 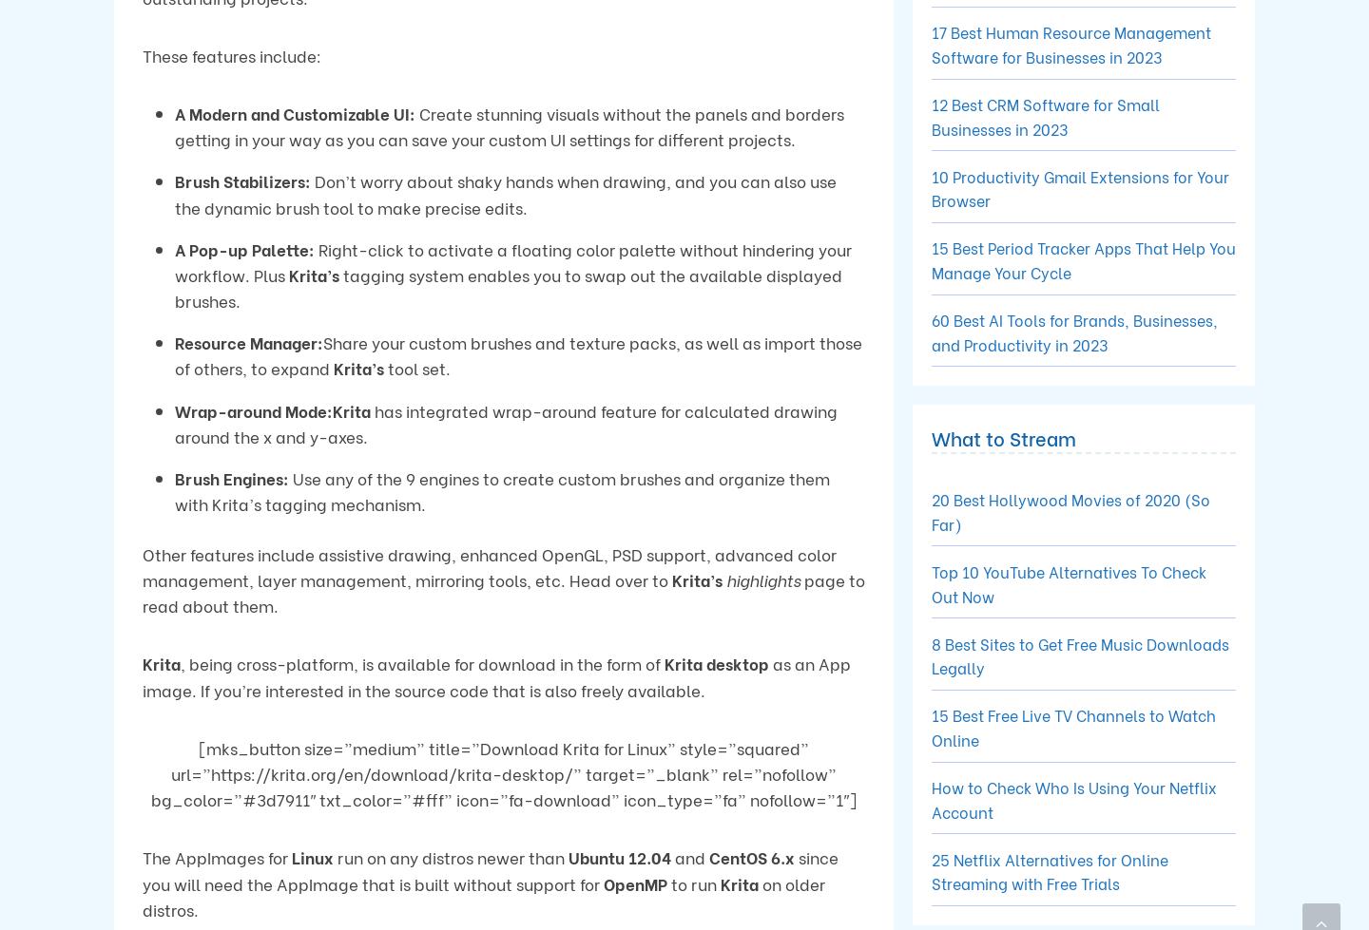 What do you see at coordinates (422, 662) in the screenshot?
I see `', being cross-platform, is available for download in the form of'` at bounding box center [422, 662].